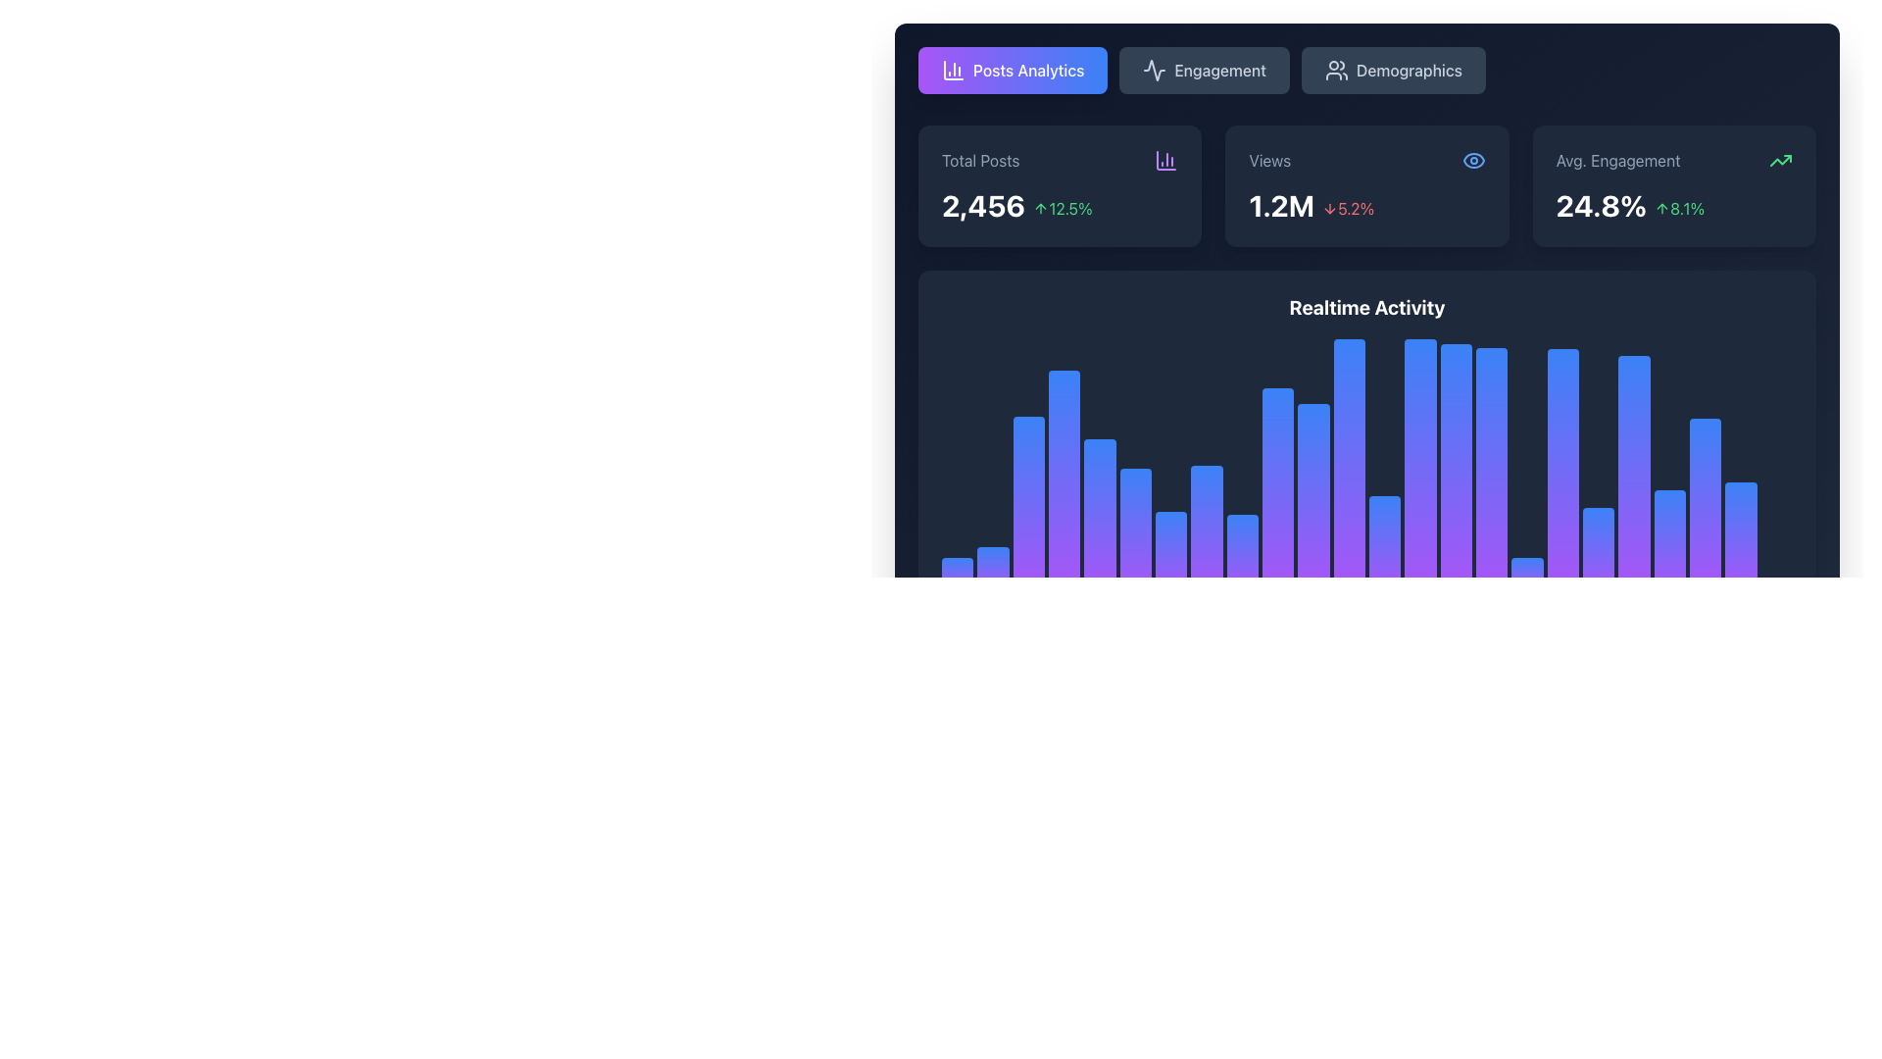 The image size is (1882, 1059). I want to click on displayed numerical value and percentage indicator from the data display unit located within the 'Total Posts' card on the dashboard interface, so click(1059, 205).